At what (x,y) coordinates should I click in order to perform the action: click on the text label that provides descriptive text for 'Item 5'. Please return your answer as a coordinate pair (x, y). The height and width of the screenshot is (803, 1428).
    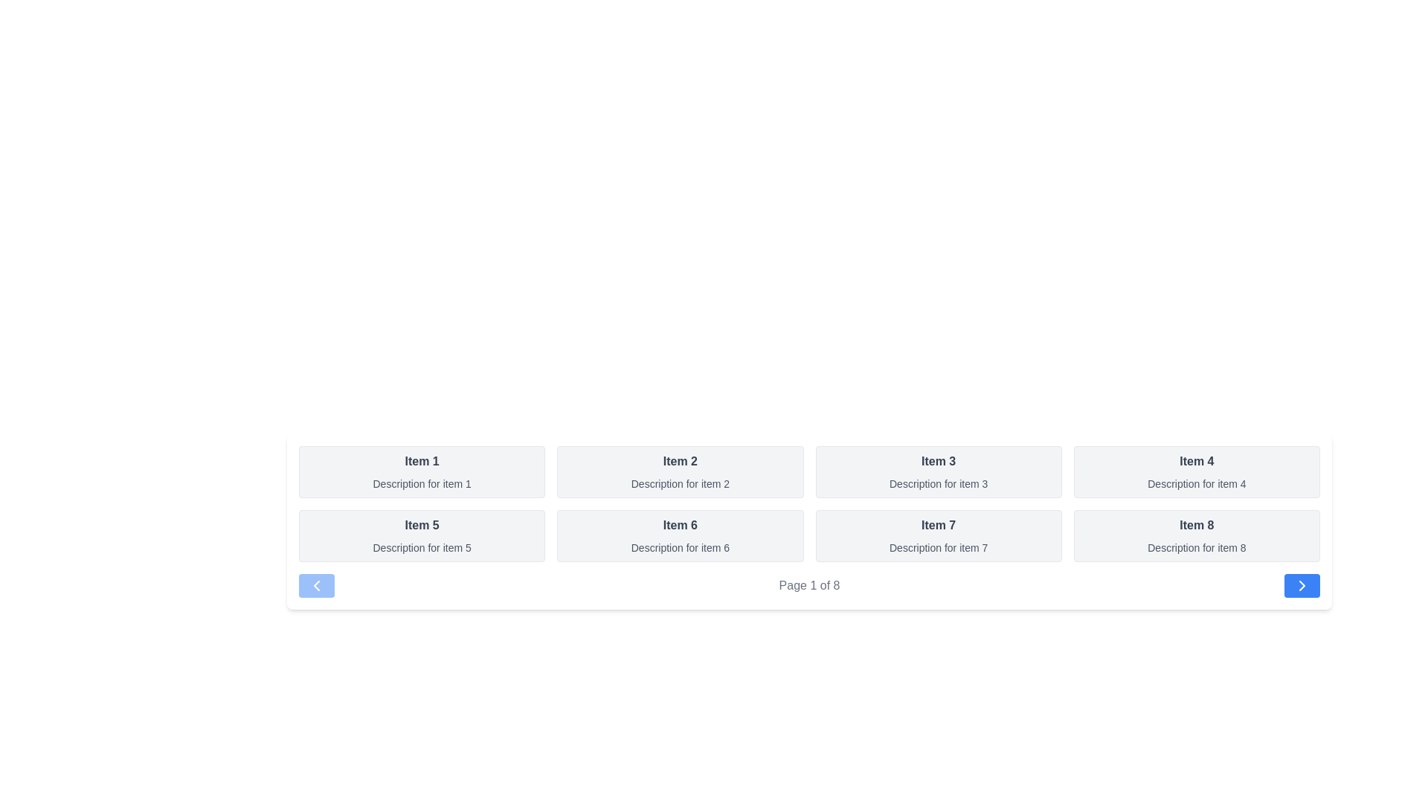
    Looking at the image, I should click on (421, 547).